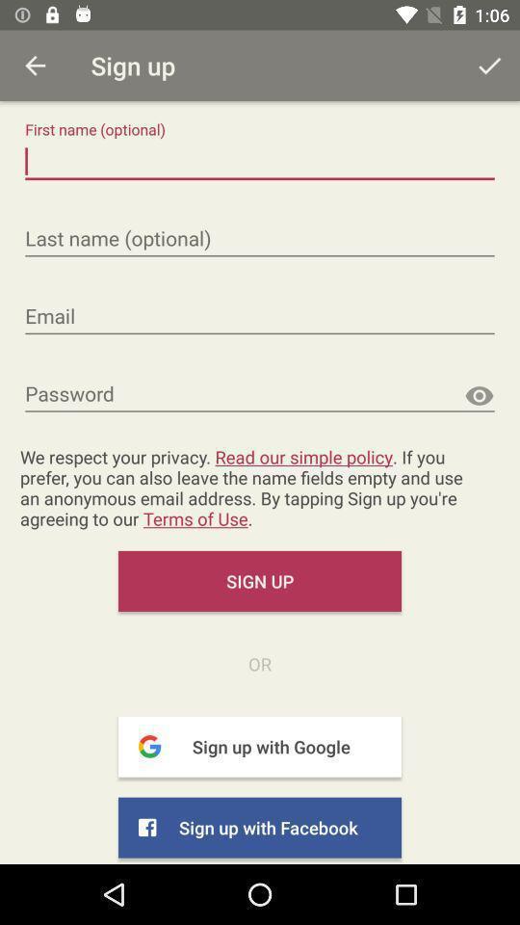 Image resolution: width=520 pixels, height=925 pixels. I want to click on the visibility icon, so click(478, 395).